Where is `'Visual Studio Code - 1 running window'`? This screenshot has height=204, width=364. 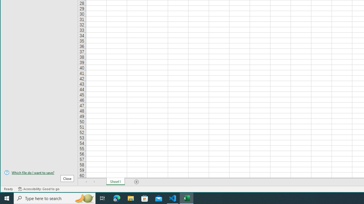
'Visual Studio Code - 1 running window' is located at coordinates (172, 198).